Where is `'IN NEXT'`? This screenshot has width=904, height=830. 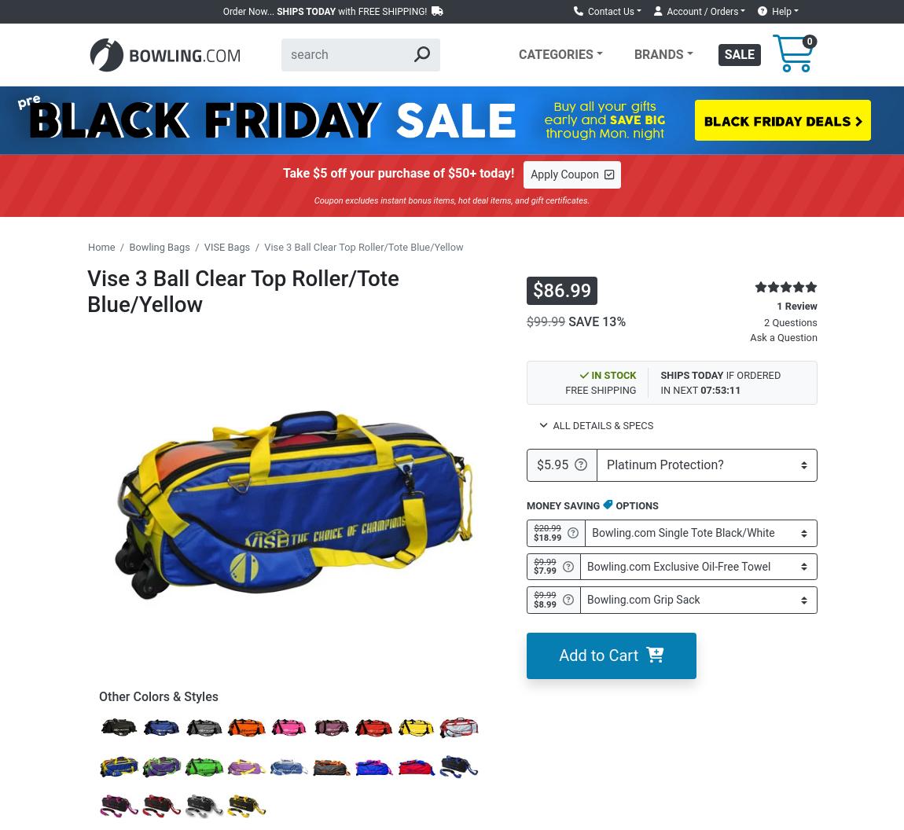
'IN NEXT' is located at coordinates (680, 389).